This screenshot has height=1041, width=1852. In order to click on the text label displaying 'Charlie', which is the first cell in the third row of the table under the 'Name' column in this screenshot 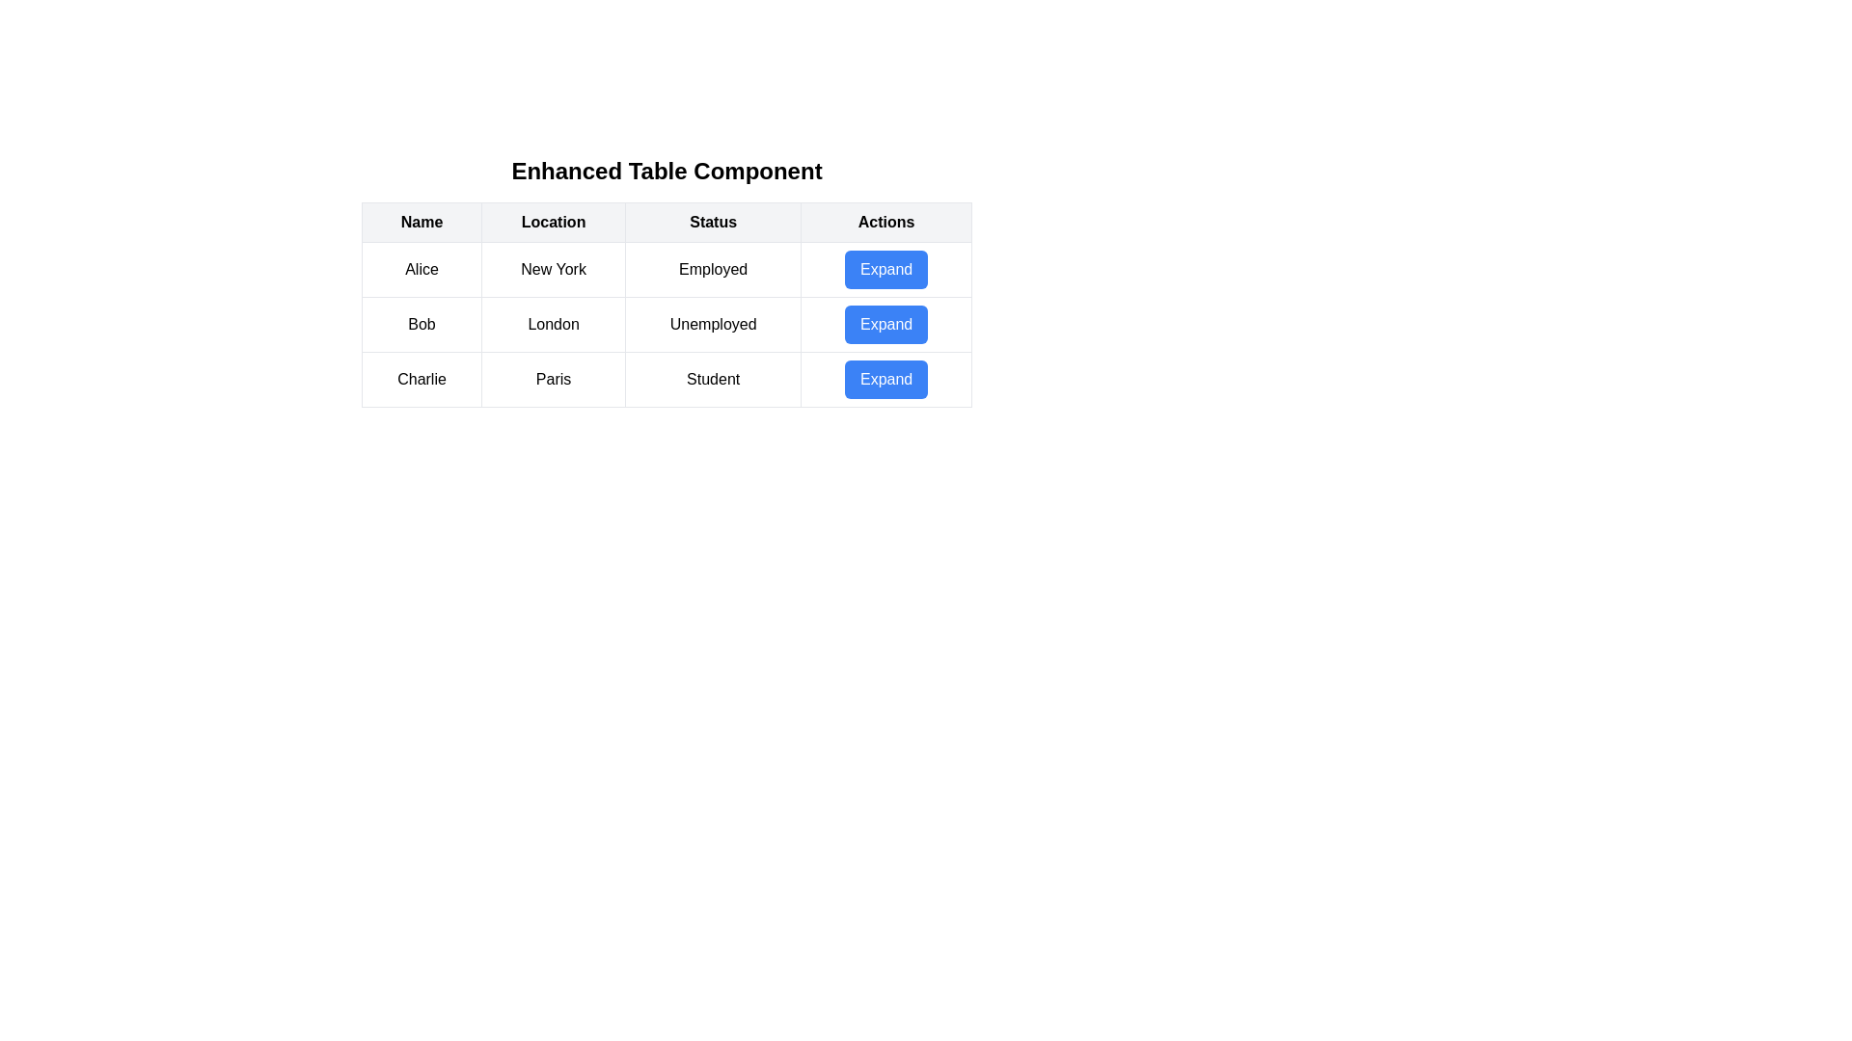, I will do `click(421, 379)`.